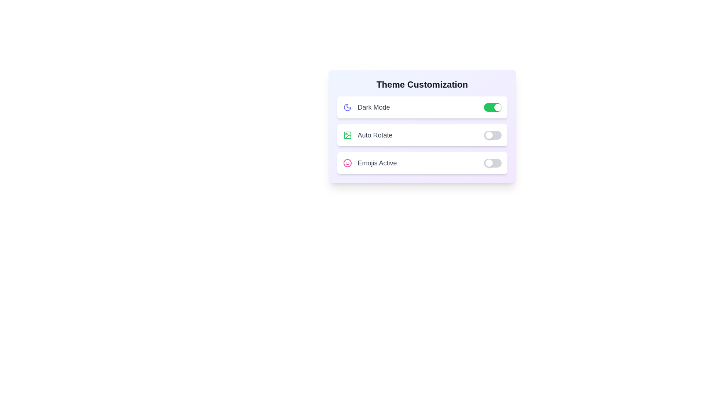  I want to click on the toggle switch labeled 'Auto Rotate' to change its state, located in the settings menu below 'Dark Mode', so click(422, 135).